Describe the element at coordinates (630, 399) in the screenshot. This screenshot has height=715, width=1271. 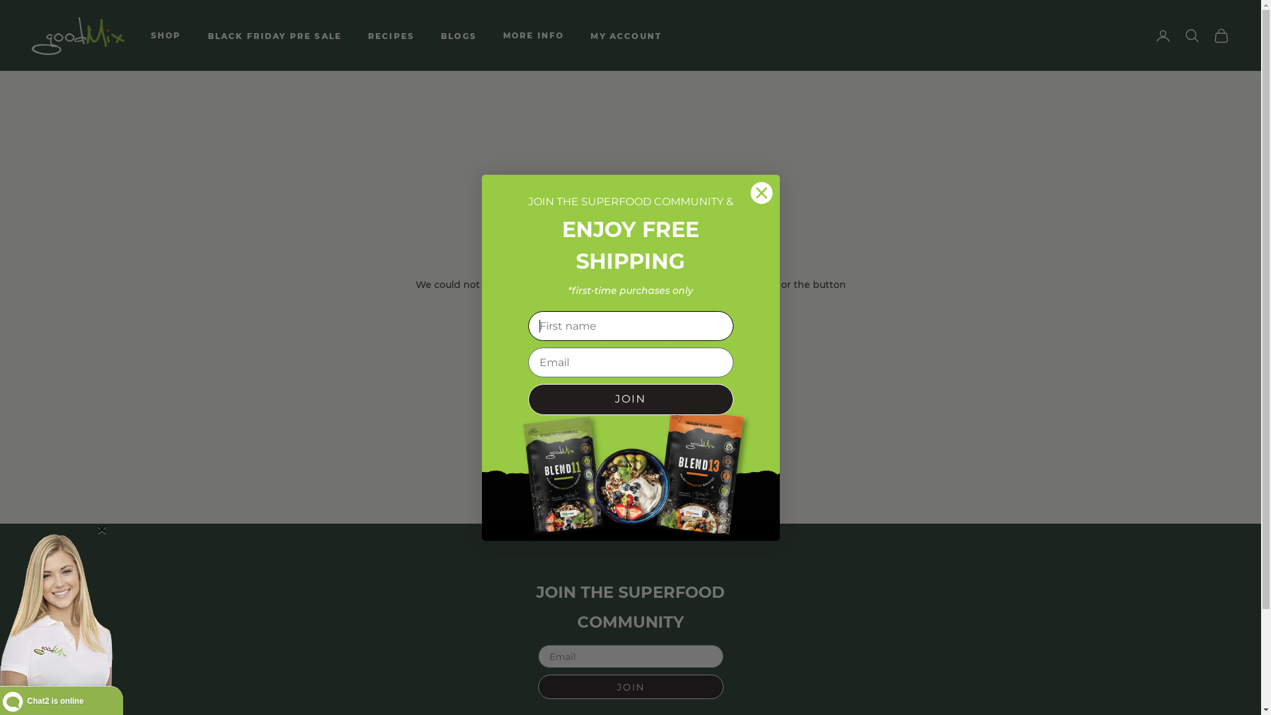
I see `'JOIN'` at that location.